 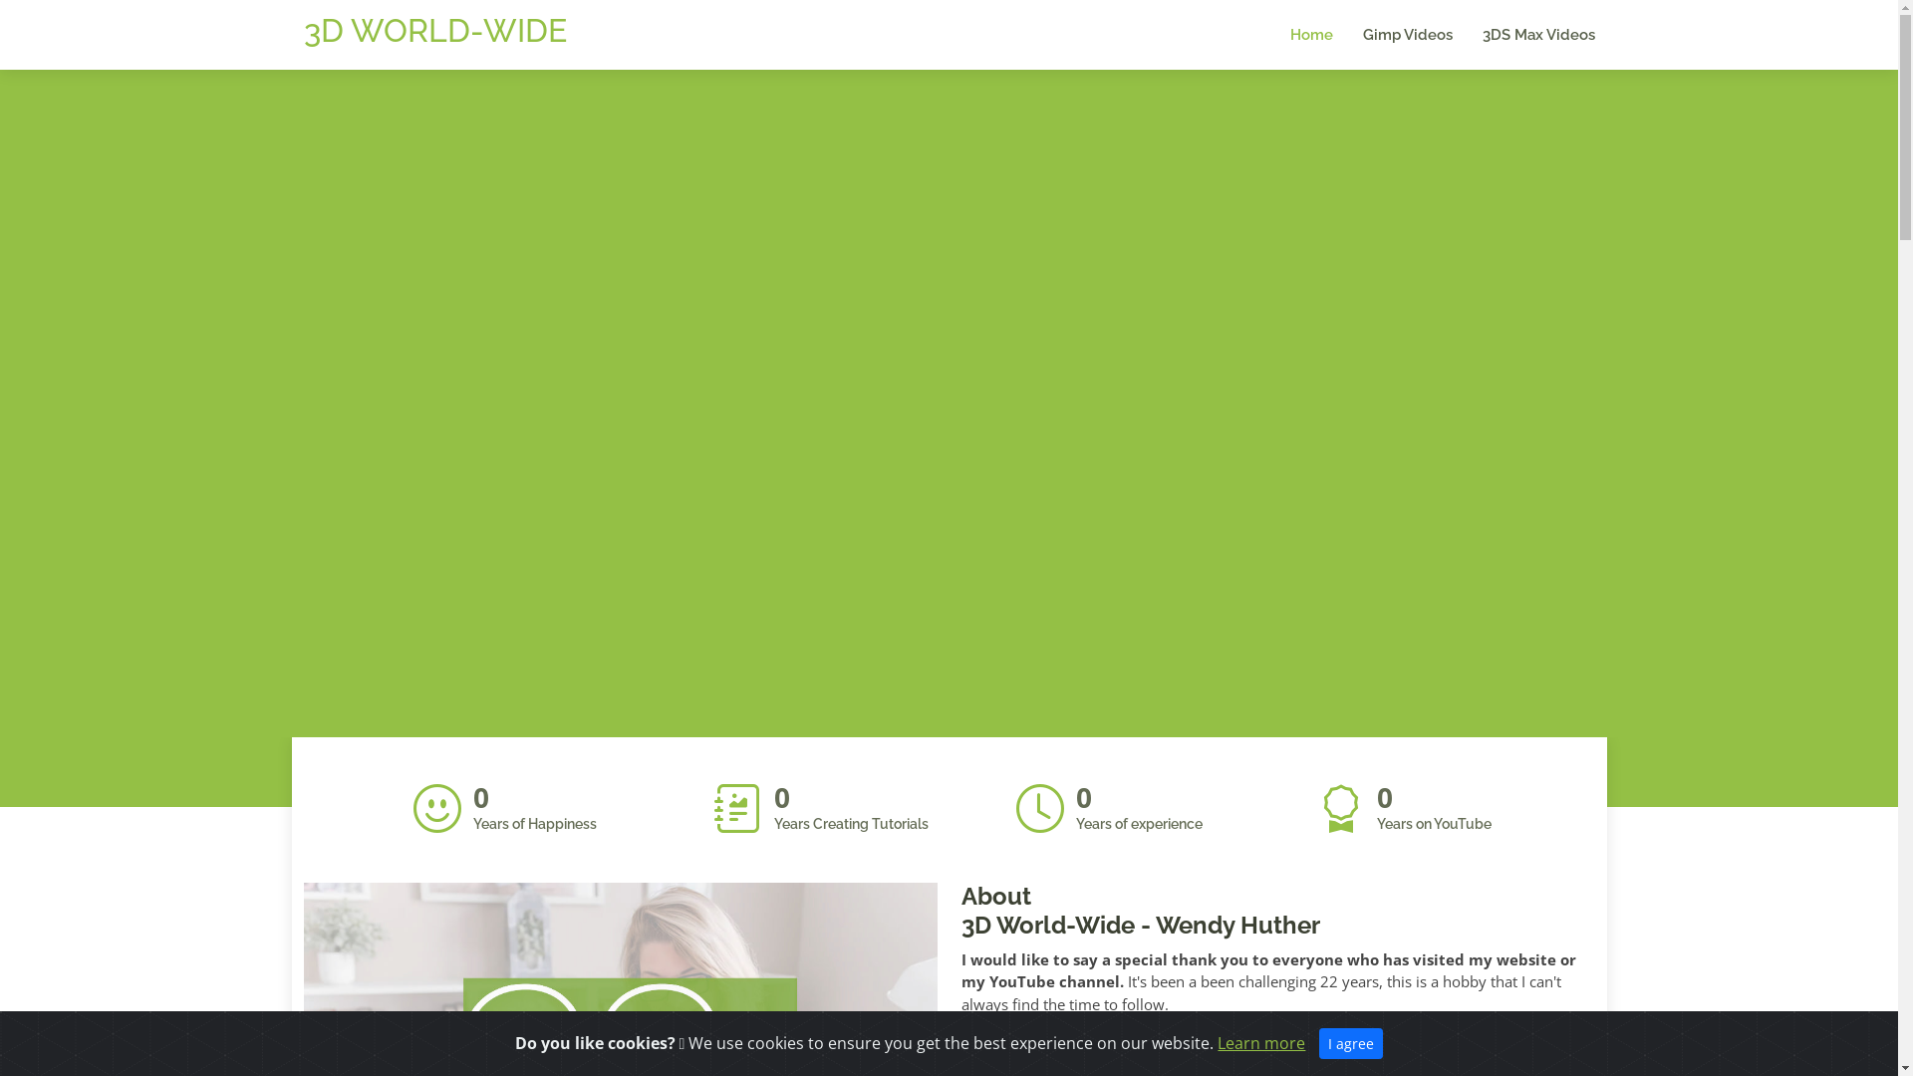 I want to click on 'Gimp Videos', so click(x=1391, y=35).